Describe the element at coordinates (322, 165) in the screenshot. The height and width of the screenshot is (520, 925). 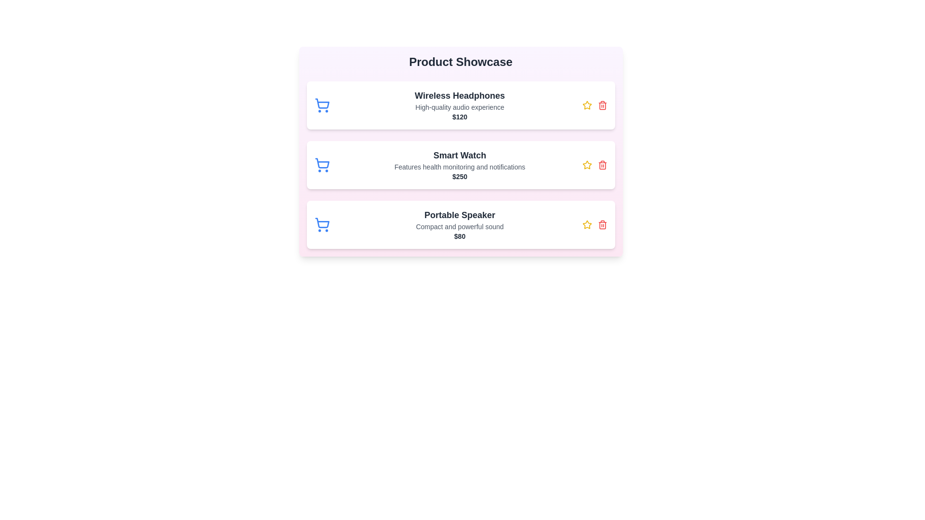
I see `the shopping cart icon for the product Smart Watch` at that location.